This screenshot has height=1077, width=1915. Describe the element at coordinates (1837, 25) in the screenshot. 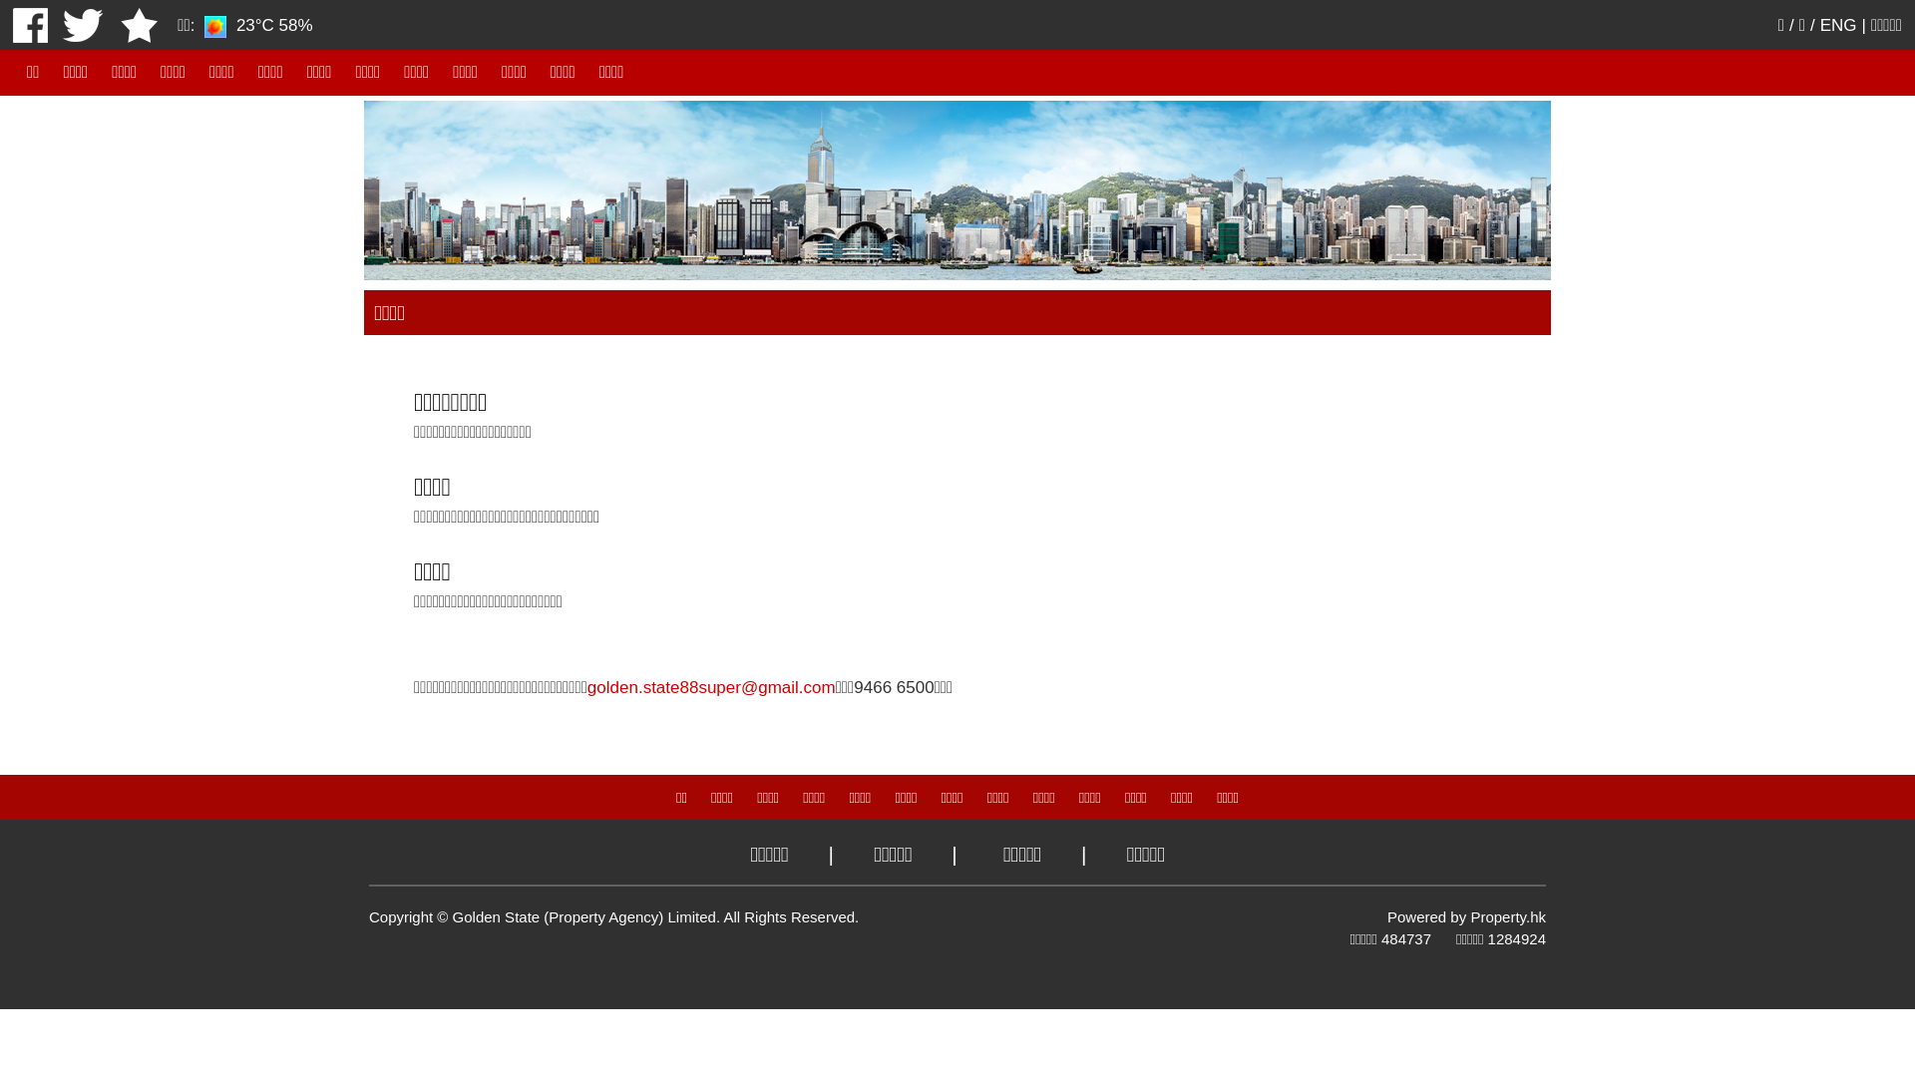

I see `'ENG'` at that location.